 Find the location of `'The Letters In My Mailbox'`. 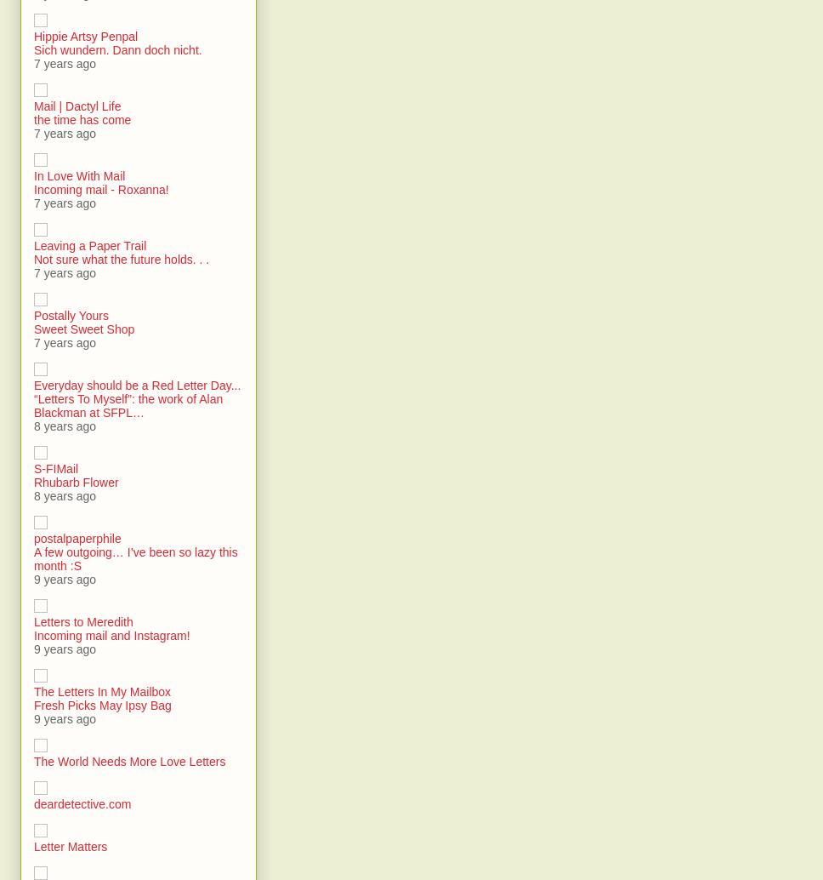

'The Letters In My Mailbox' is located at coordinates (102, 691).